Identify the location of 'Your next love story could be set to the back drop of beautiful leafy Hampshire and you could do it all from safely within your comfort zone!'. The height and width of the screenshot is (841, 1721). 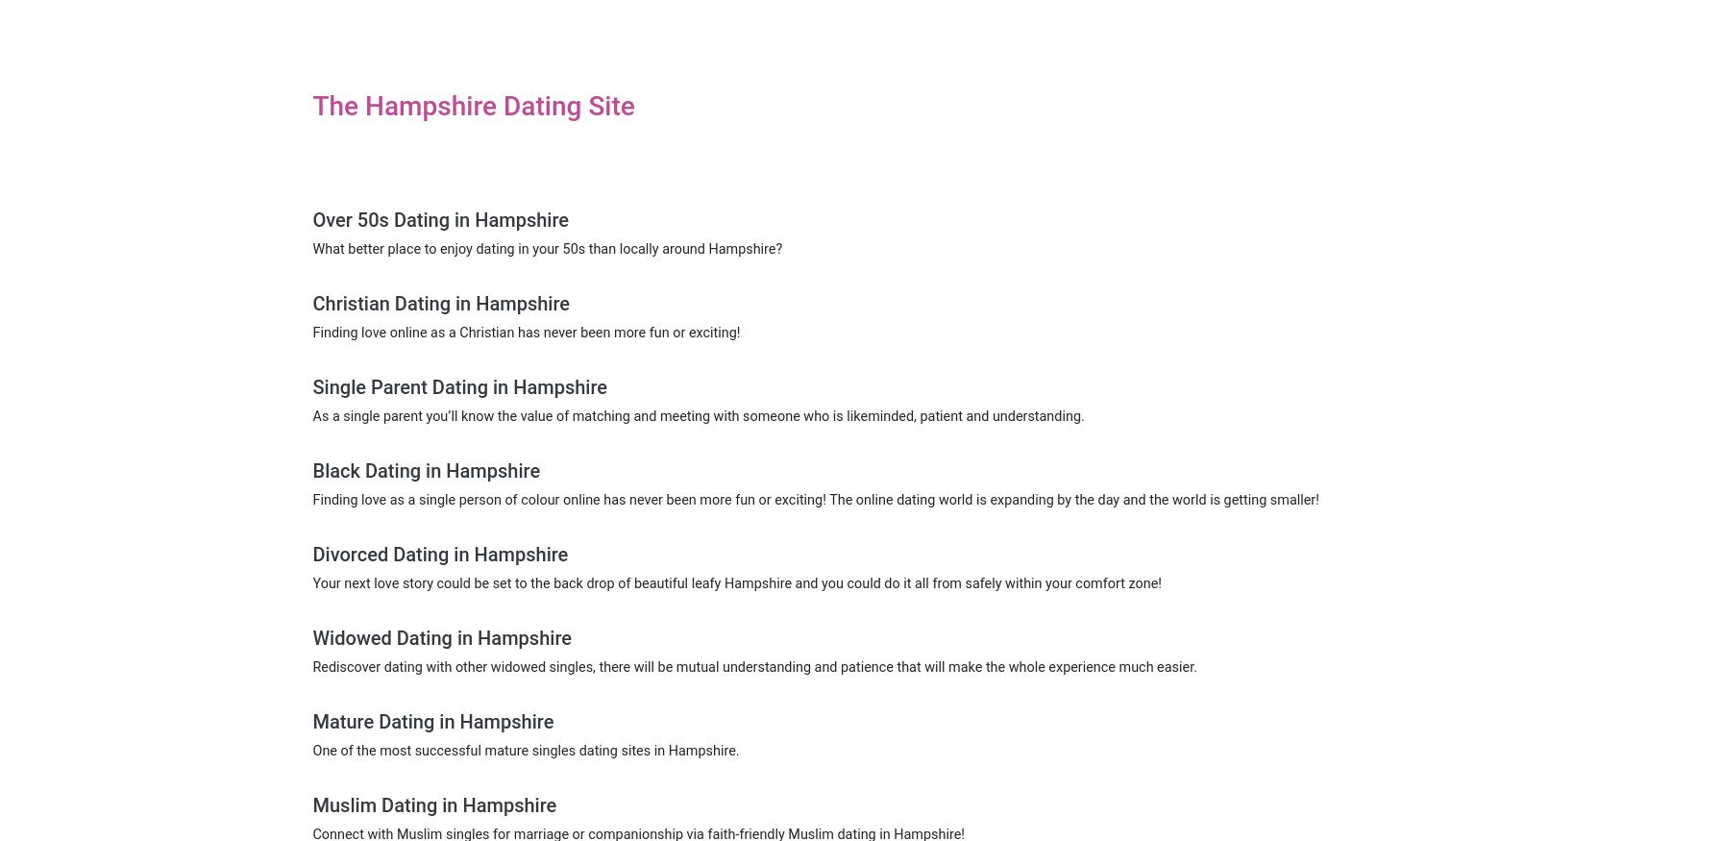
(312, 583).